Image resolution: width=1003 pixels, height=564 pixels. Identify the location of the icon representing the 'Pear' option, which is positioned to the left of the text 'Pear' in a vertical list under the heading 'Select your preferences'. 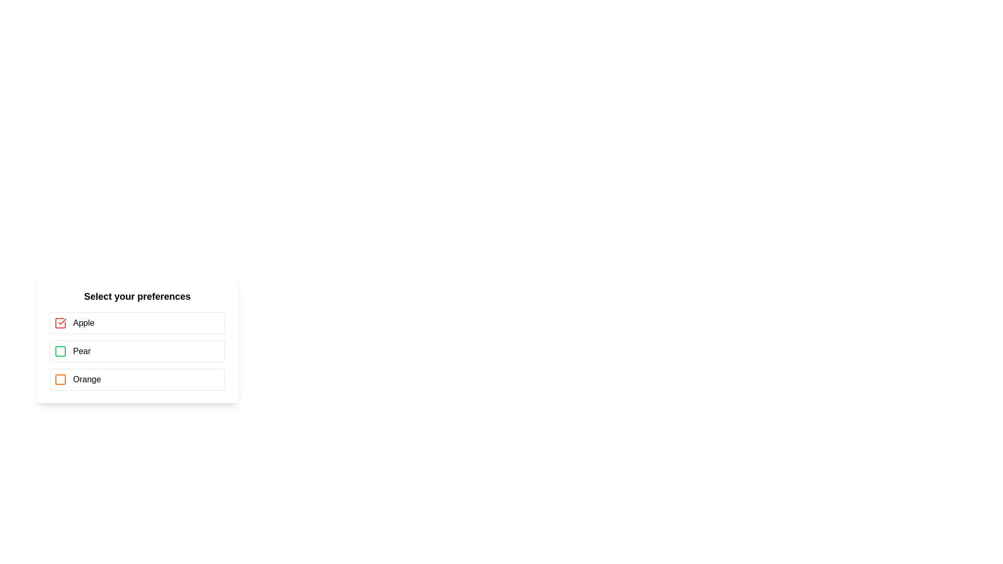
(60, 351).